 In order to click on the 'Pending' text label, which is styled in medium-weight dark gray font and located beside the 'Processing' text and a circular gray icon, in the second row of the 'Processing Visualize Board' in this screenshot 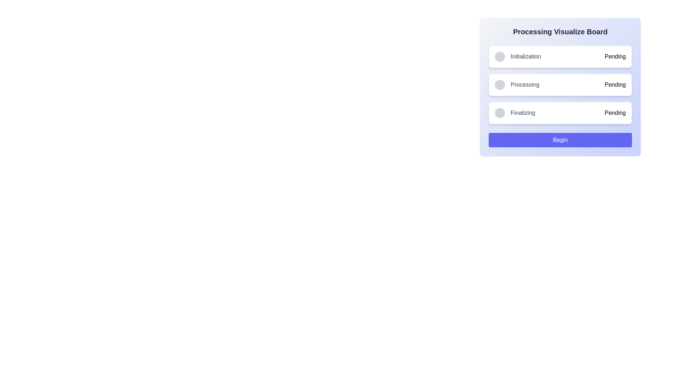, I will do `click(615, 84)`.